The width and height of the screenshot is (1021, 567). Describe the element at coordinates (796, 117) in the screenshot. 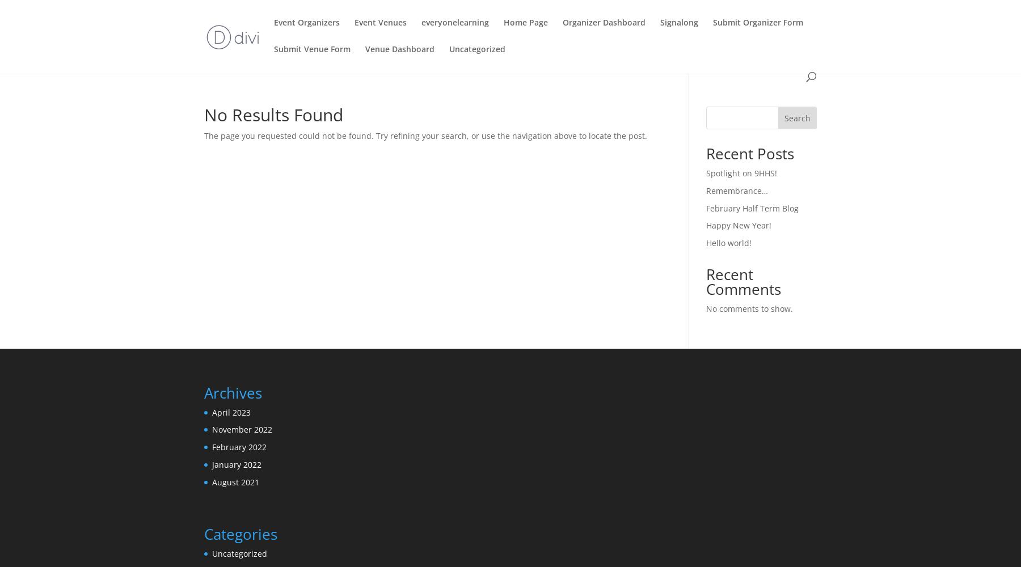

I see `'Search'` at that location.